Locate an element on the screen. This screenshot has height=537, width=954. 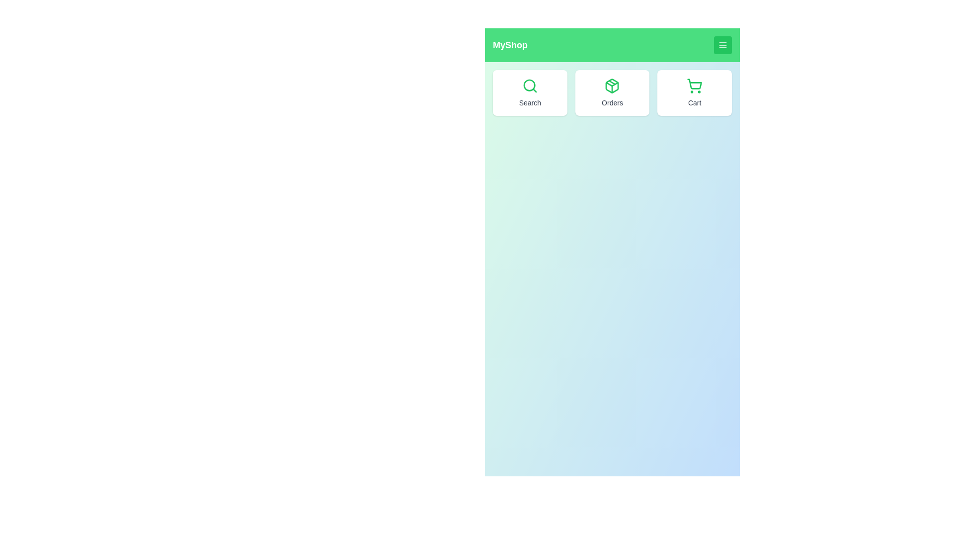
the 'Orders' button to view orders is located at coordinates (612, 92).